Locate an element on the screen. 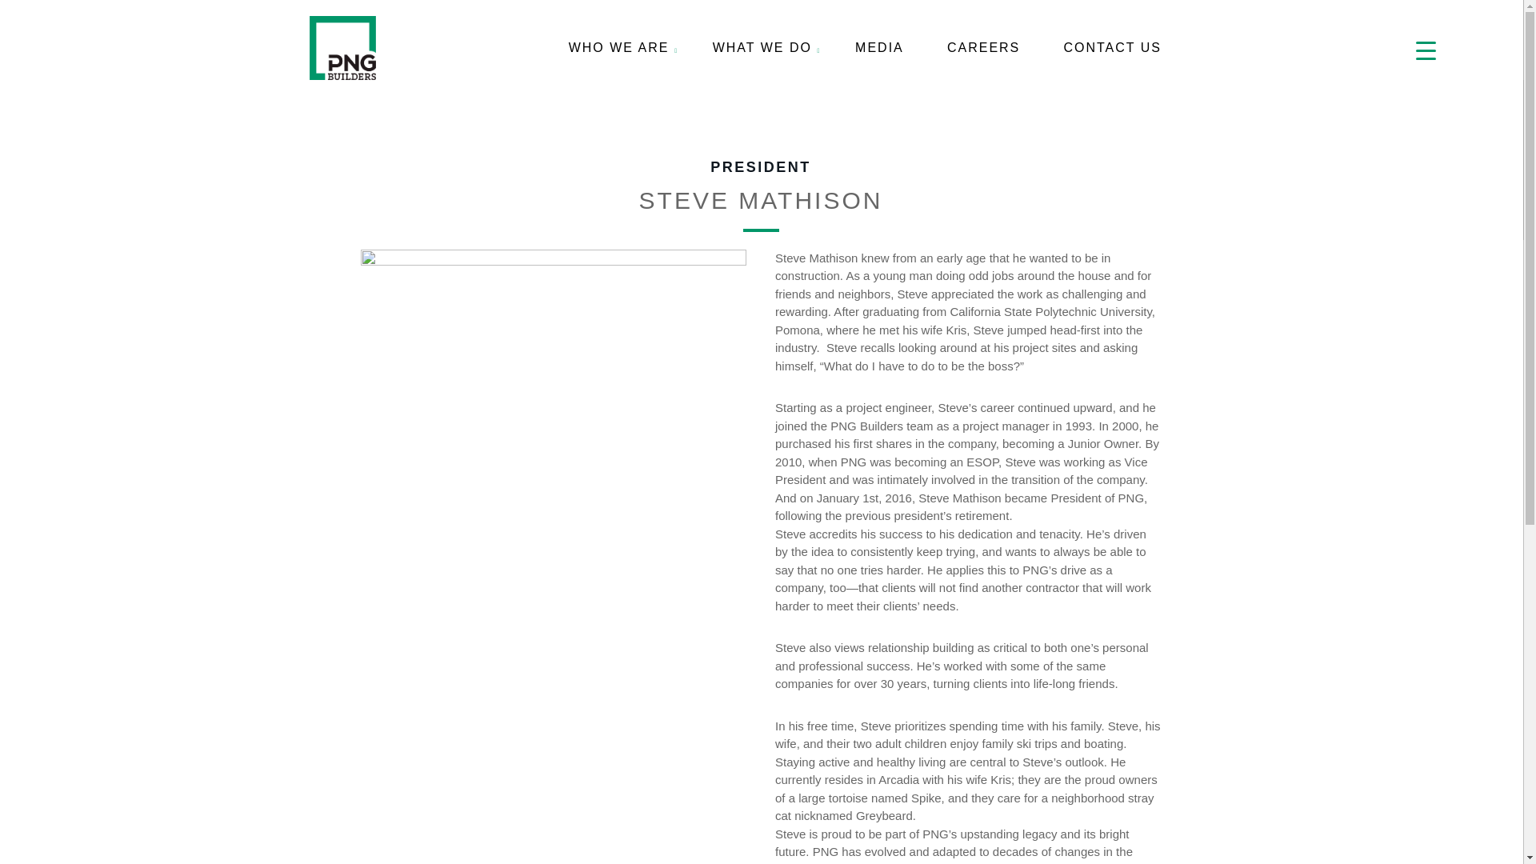  'CONTACT US' is located at coordinates (1111, 47).